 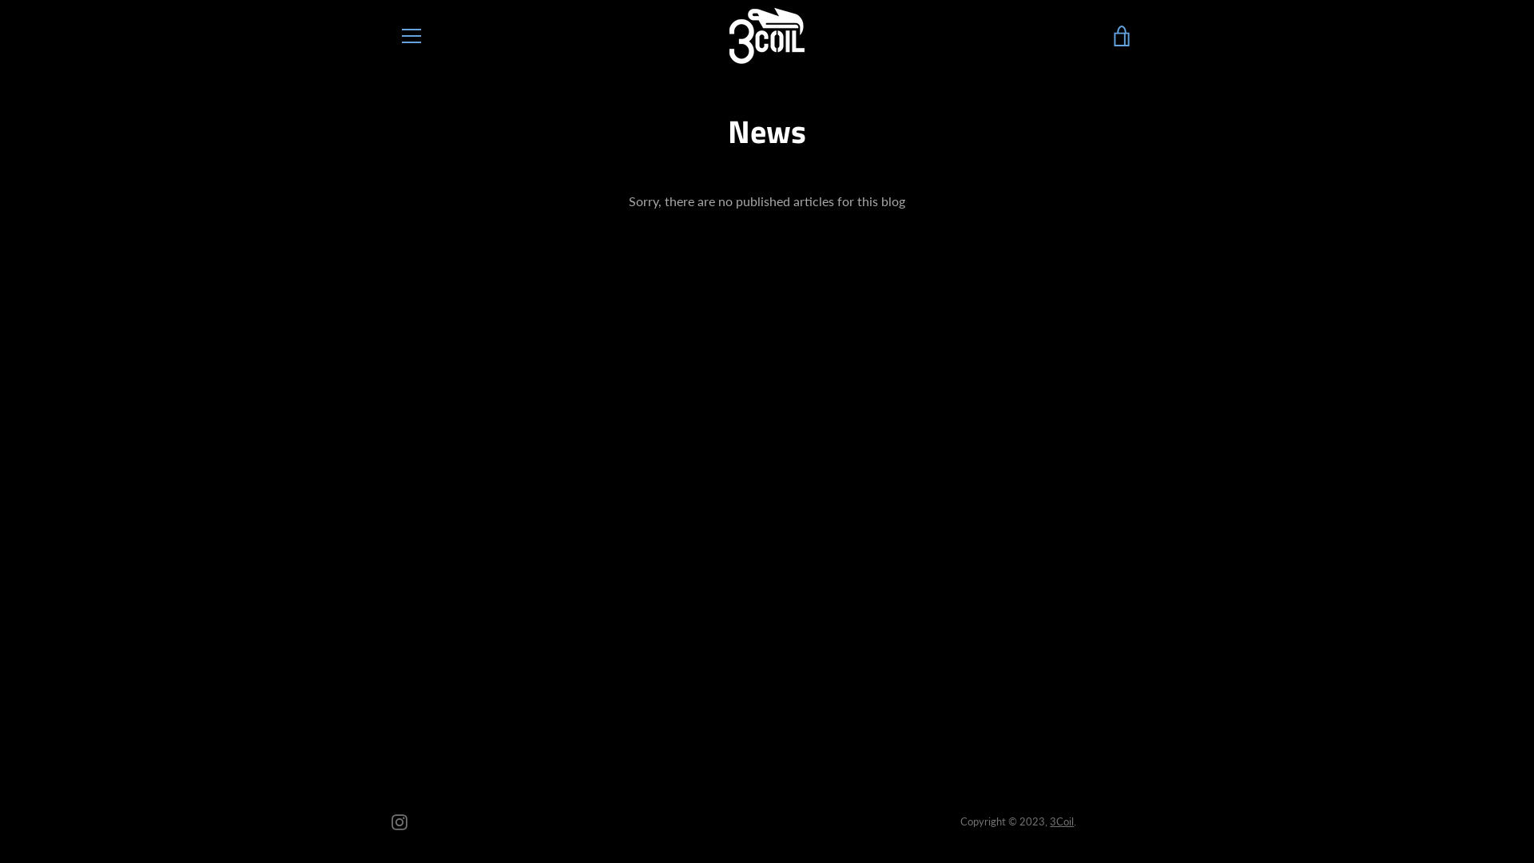 I want to click on 'MENU', so click(x=411, y=36).